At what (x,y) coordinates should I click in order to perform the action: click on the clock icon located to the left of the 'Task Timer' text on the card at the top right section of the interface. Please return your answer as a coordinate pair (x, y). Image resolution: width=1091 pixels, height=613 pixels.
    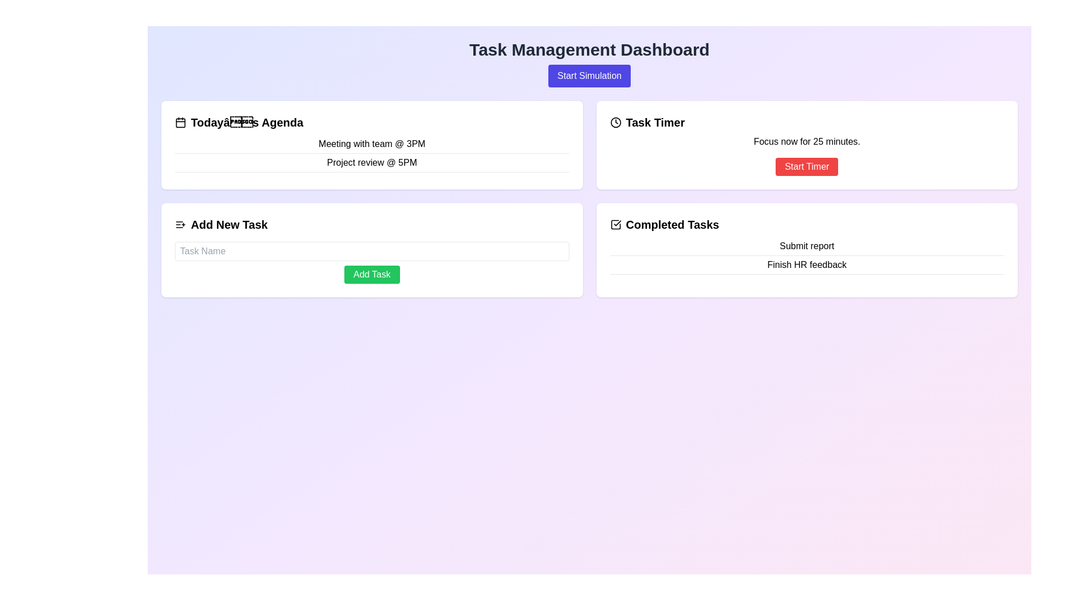
    Looking at the image, I should click on (615, 123).